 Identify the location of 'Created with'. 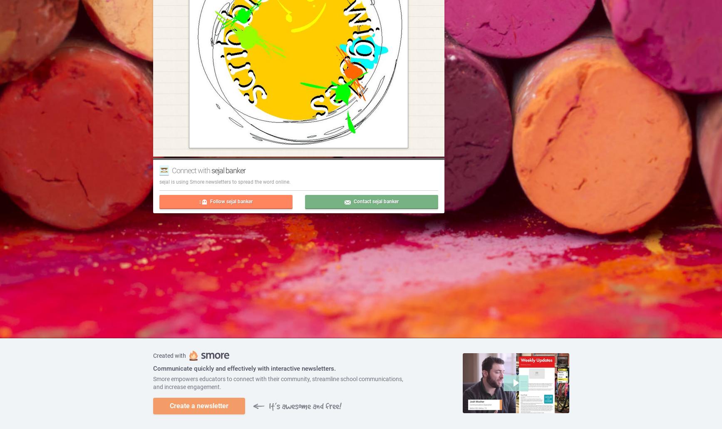
(169, 355).